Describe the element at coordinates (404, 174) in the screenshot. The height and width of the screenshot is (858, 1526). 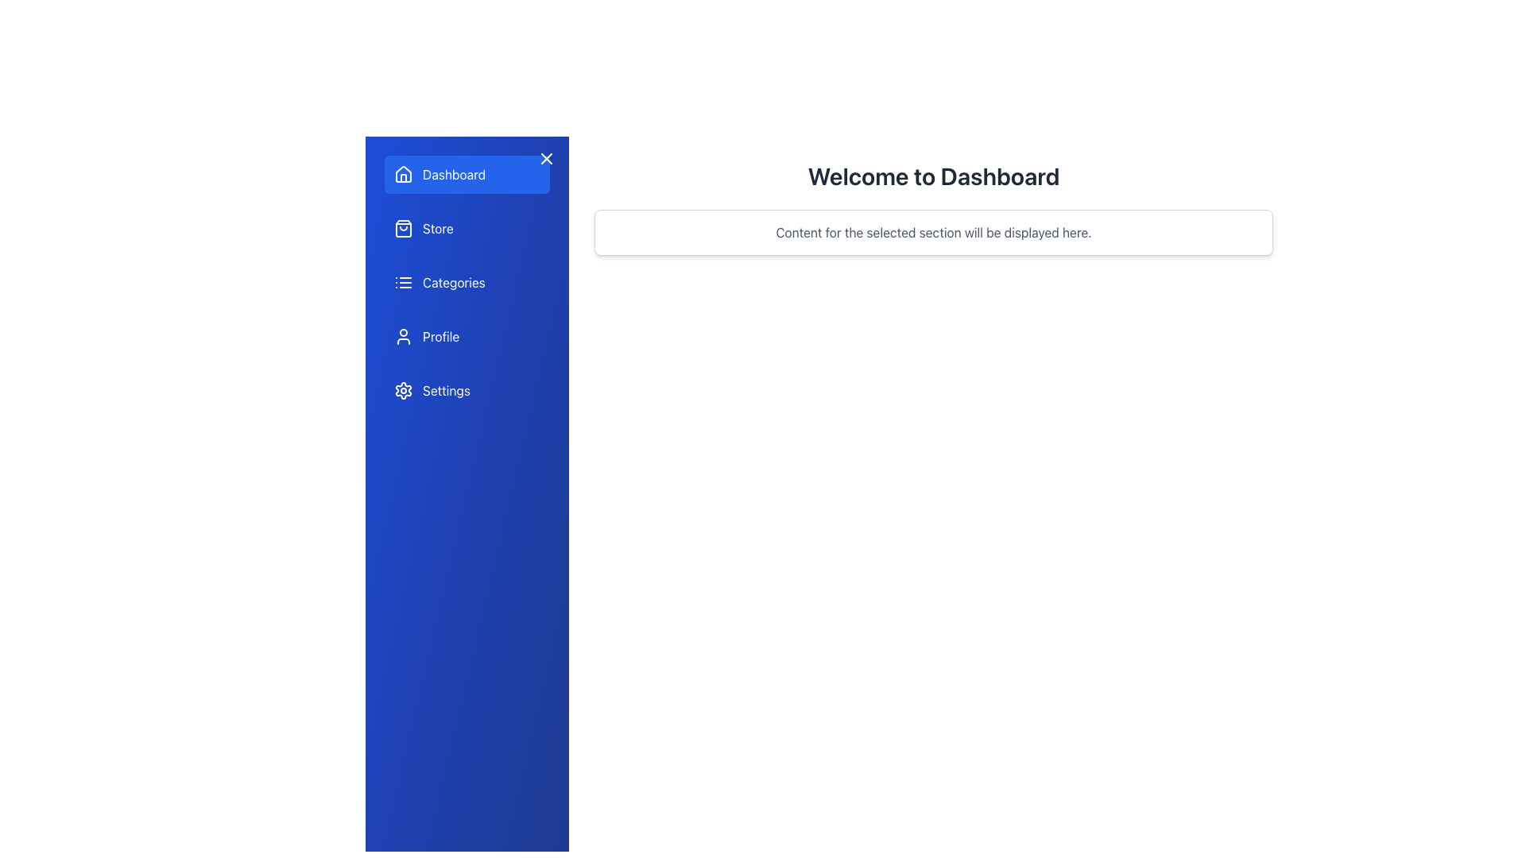
I see `the 'home' icon located in the left sidebar navigation menu next to the 'Dashboard' option` at that location.